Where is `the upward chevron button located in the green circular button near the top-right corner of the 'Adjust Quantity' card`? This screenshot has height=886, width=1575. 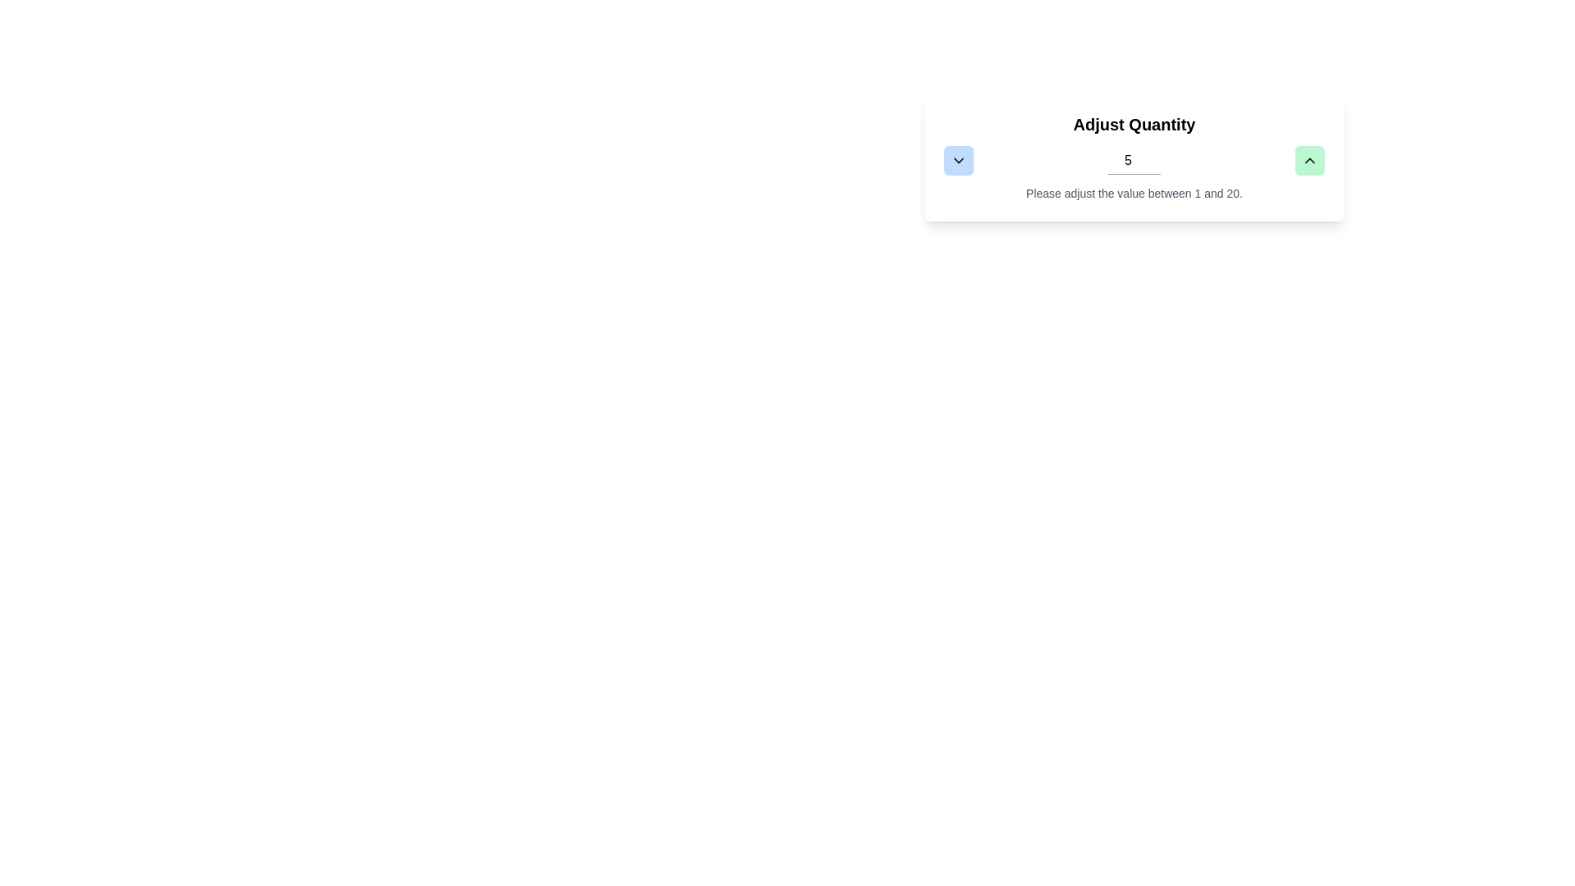
the upward chevron button located in the green circular button near the top-right corner of the 'Adjust Quantity' card is located at coordinates (1309, 161).